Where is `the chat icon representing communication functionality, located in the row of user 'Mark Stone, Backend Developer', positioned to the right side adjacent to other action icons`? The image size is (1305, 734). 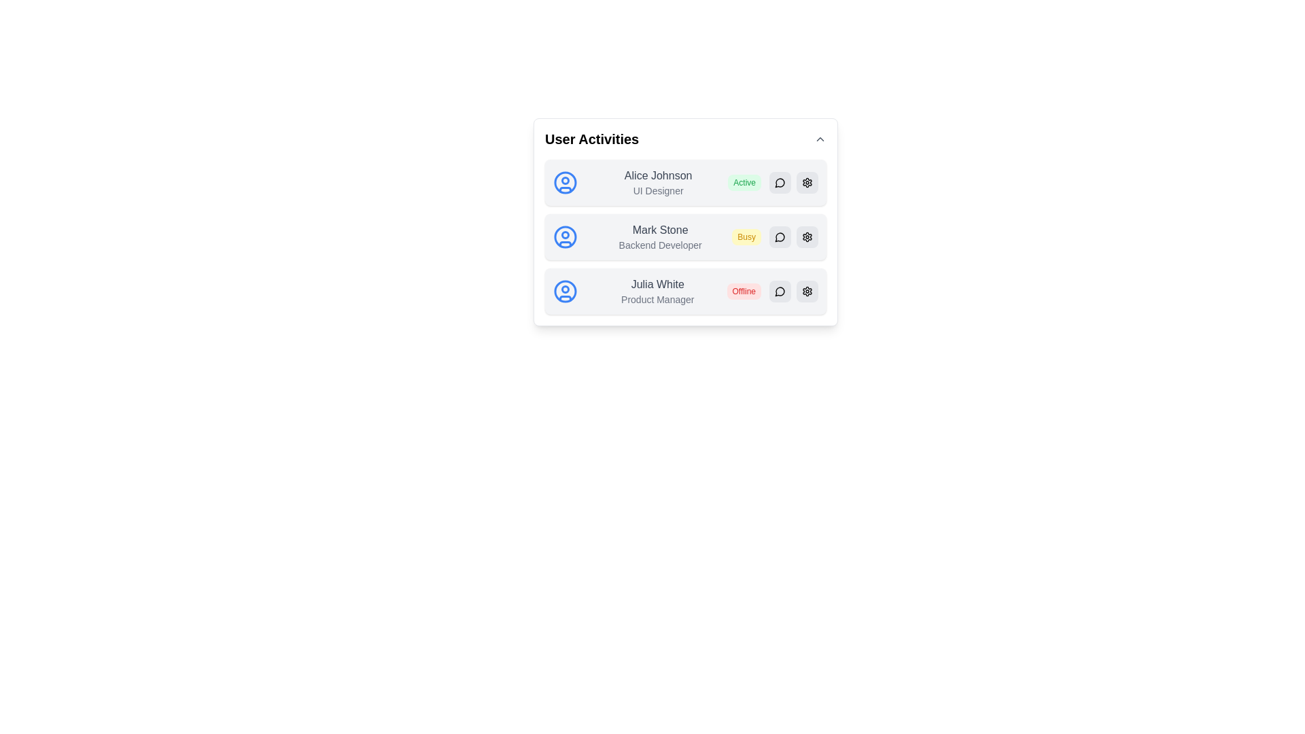 the chat icon representing communication functionality, located in the row of user 'Mark Stone, Backend Developer', positioned to the right side adjacent to other action icons is located at coordinates (780, 237).